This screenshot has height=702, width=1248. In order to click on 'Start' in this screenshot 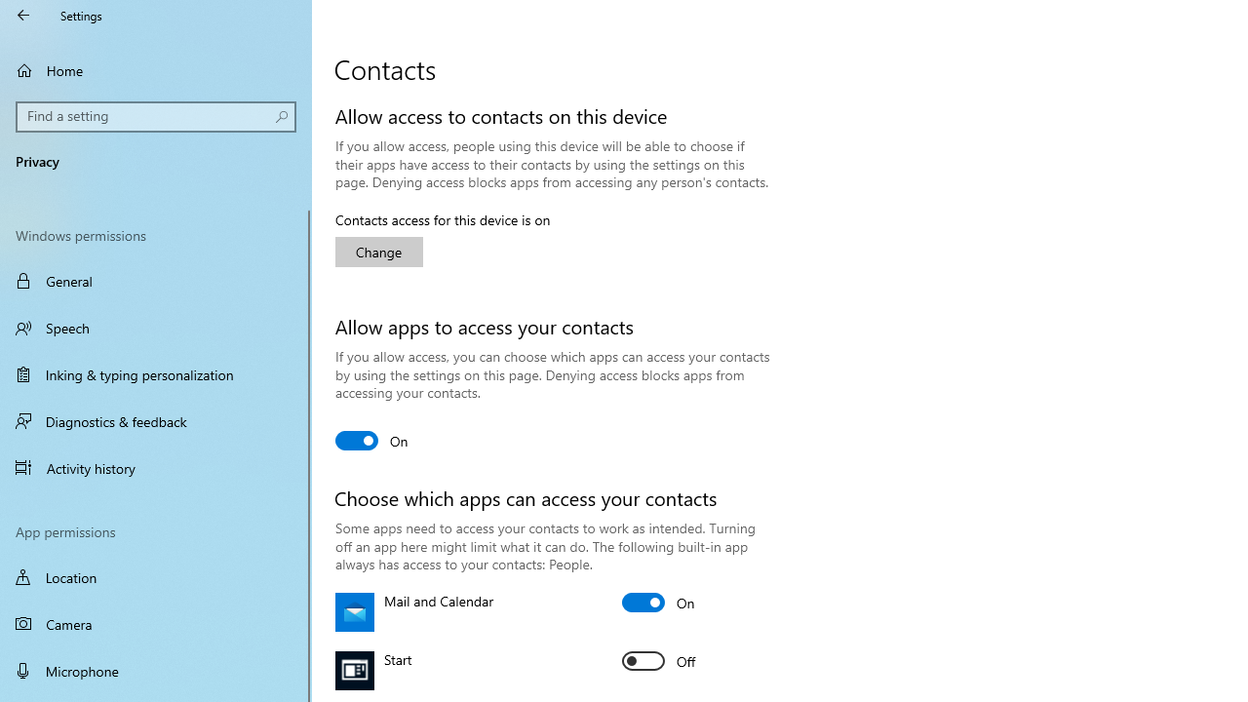, I will do `click(658, 659)`.